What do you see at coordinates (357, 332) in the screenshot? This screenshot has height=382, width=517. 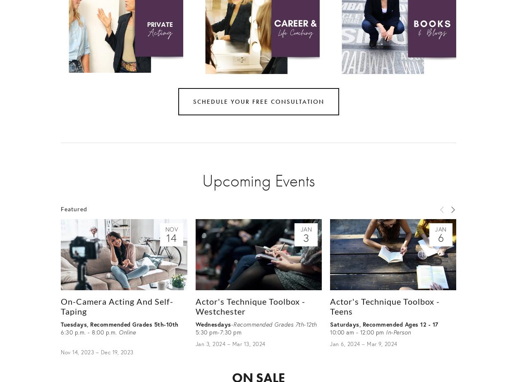 I see `'10:00 am - 12:00 pm'` at bounding box center [357, 332].